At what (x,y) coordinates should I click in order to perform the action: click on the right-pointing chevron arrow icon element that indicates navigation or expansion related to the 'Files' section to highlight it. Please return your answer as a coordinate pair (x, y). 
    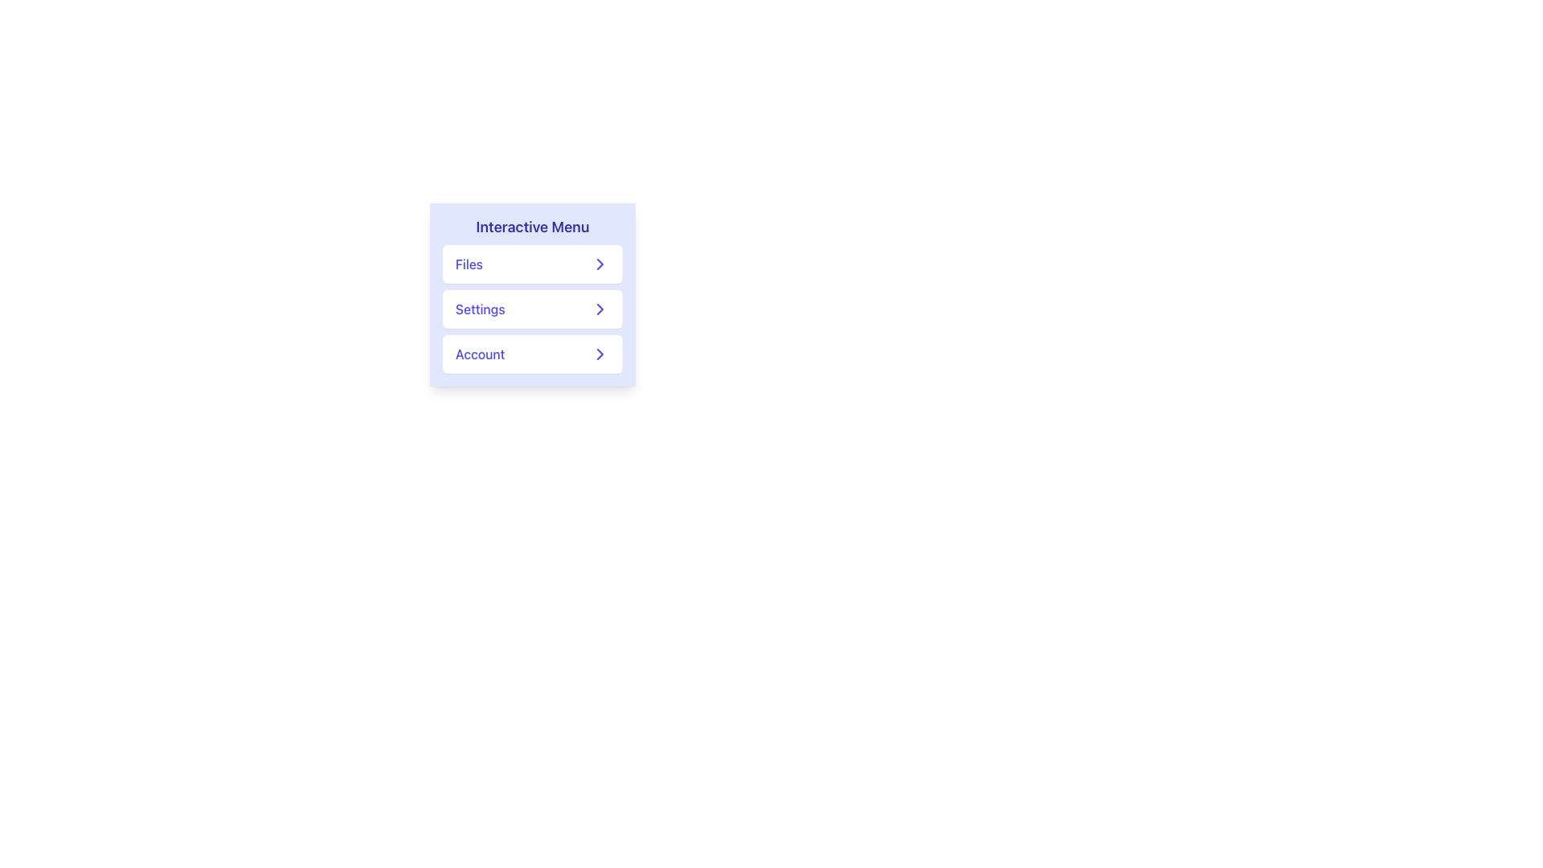
    Looking at the image, I should click on (600, 263).